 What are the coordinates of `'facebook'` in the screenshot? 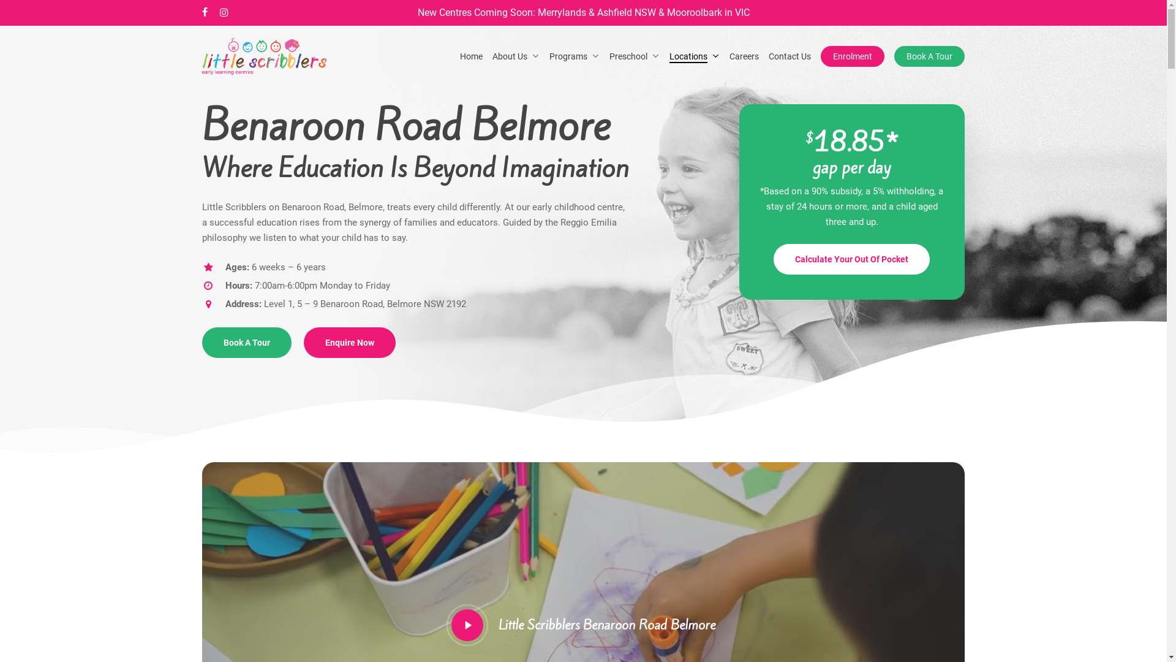 It's located at (205, 12).